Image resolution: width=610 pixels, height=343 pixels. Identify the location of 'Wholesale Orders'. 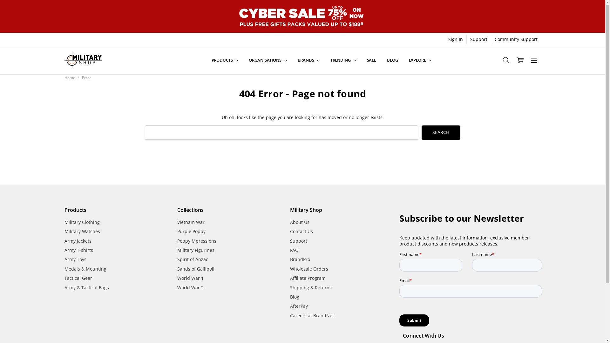
(309, 269).